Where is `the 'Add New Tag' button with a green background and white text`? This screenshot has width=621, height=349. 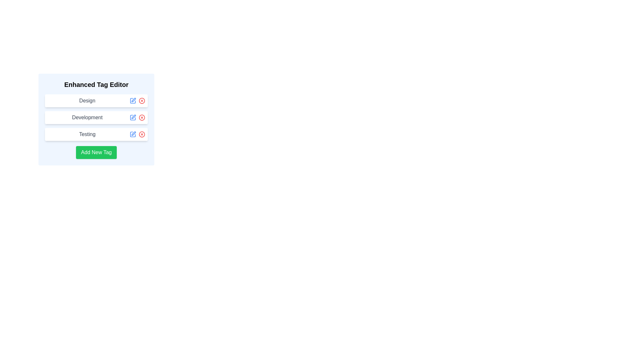
the 'Add New Tag' button with a green background and white text is located at coordinates (96, 152).